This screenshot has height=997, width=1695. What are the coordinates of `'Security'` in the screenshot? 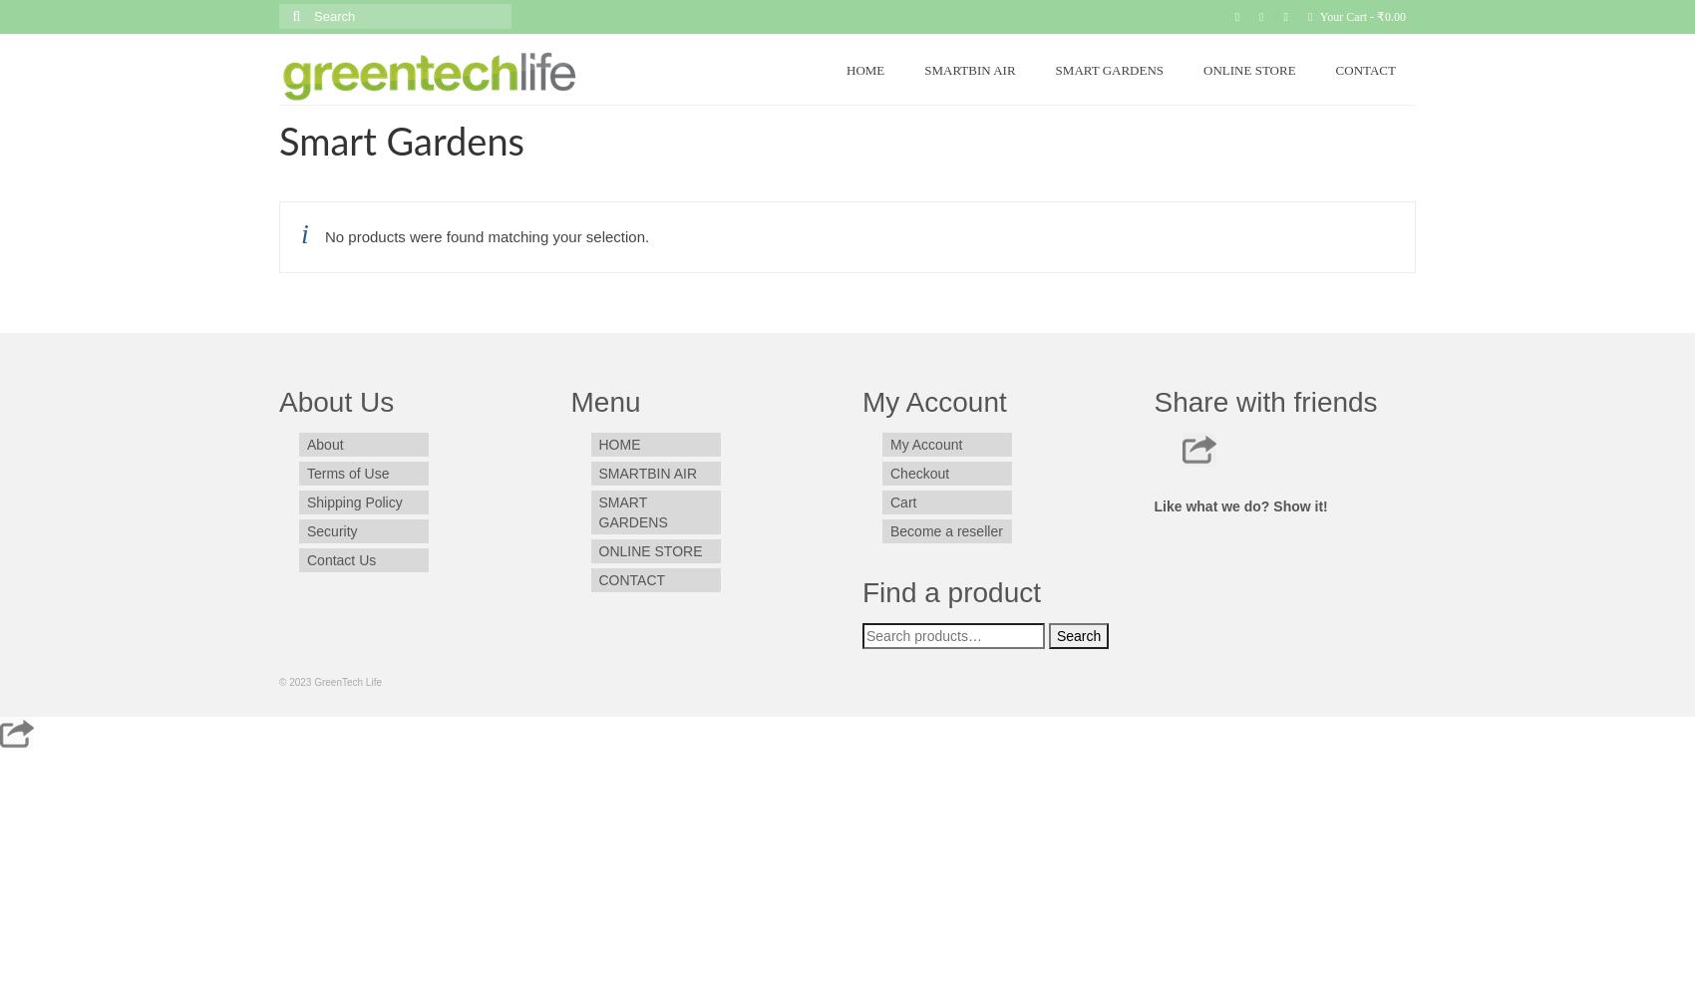 It's located at (331, 531).